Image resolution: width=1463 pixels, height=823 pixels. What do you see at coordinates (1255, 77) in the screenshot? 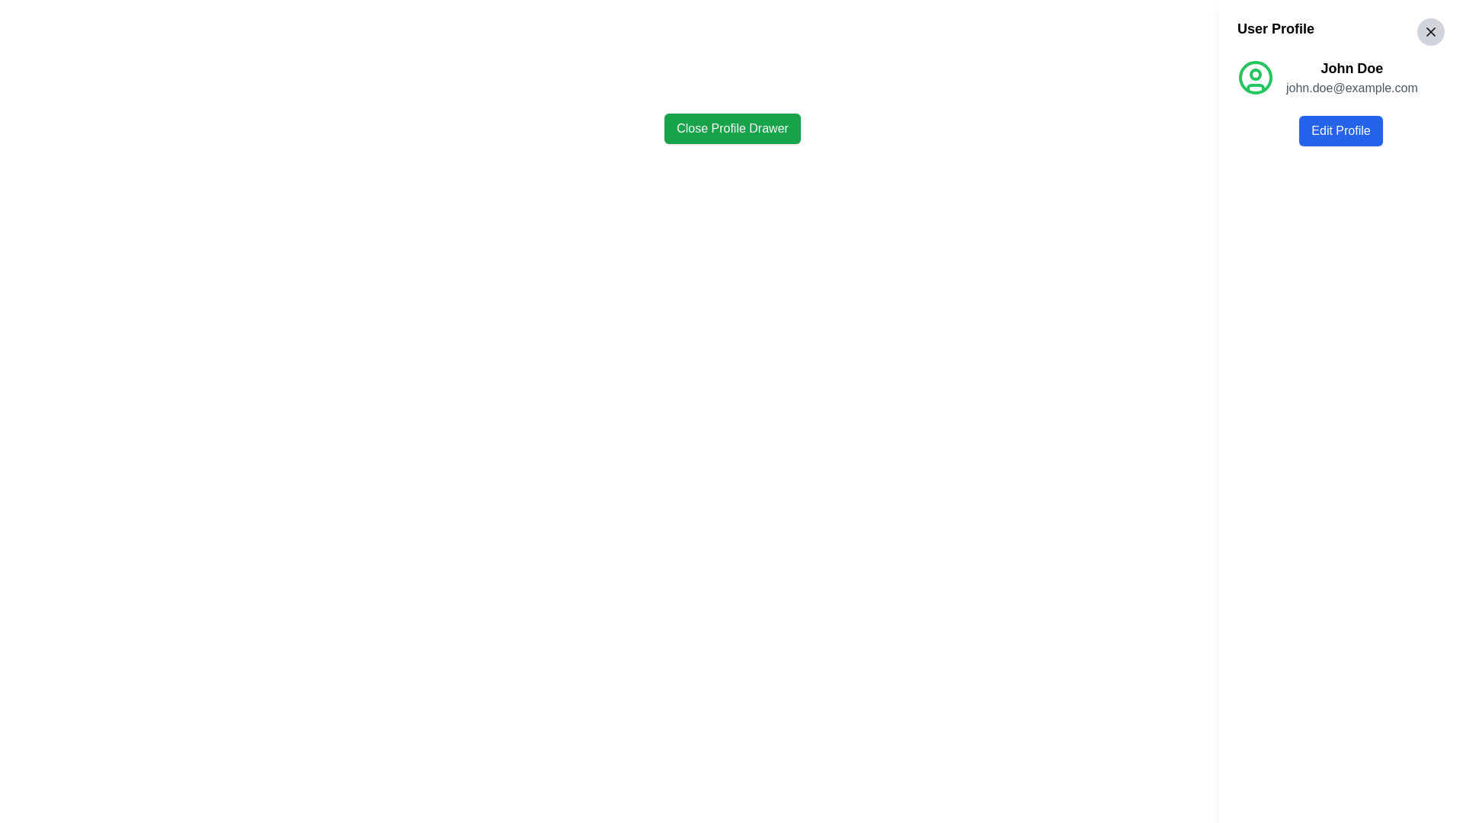
I see `the user profile icon, which is a green circular element located in the top-right corner of the interface, adjacent to the text 'John Doe' and 'john.doe@example.com'` at bounding box center [1255, 77].